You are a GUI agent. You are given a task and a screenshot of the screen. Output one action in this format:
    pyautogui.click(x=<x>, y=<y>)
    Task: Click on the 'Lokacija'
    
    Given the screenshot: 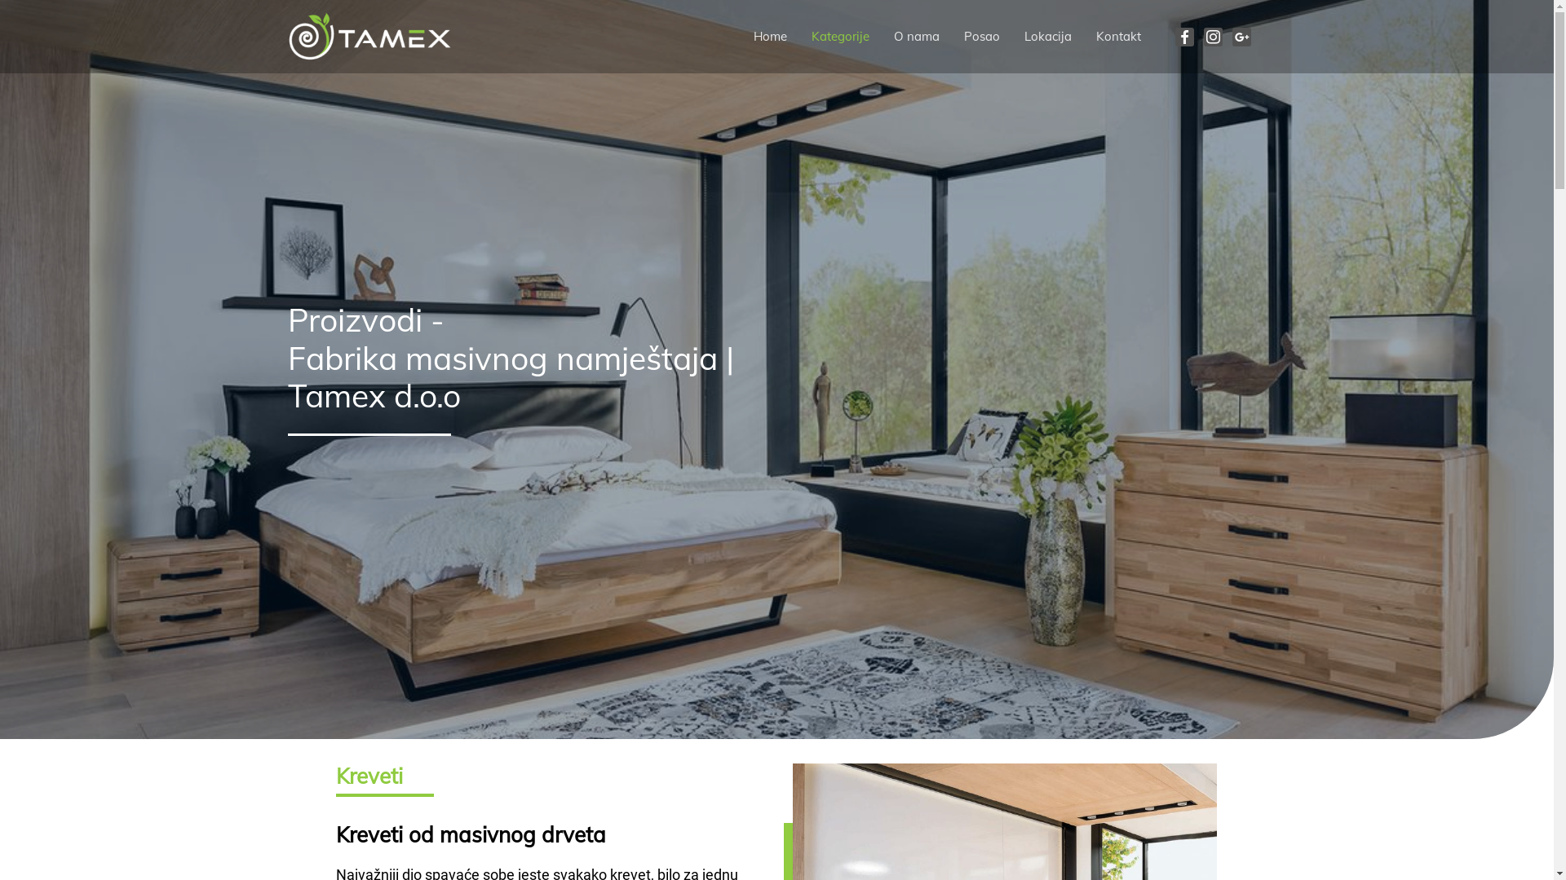 What is the action you would take?
    pyautogui.click(x=1048, y=37)
    